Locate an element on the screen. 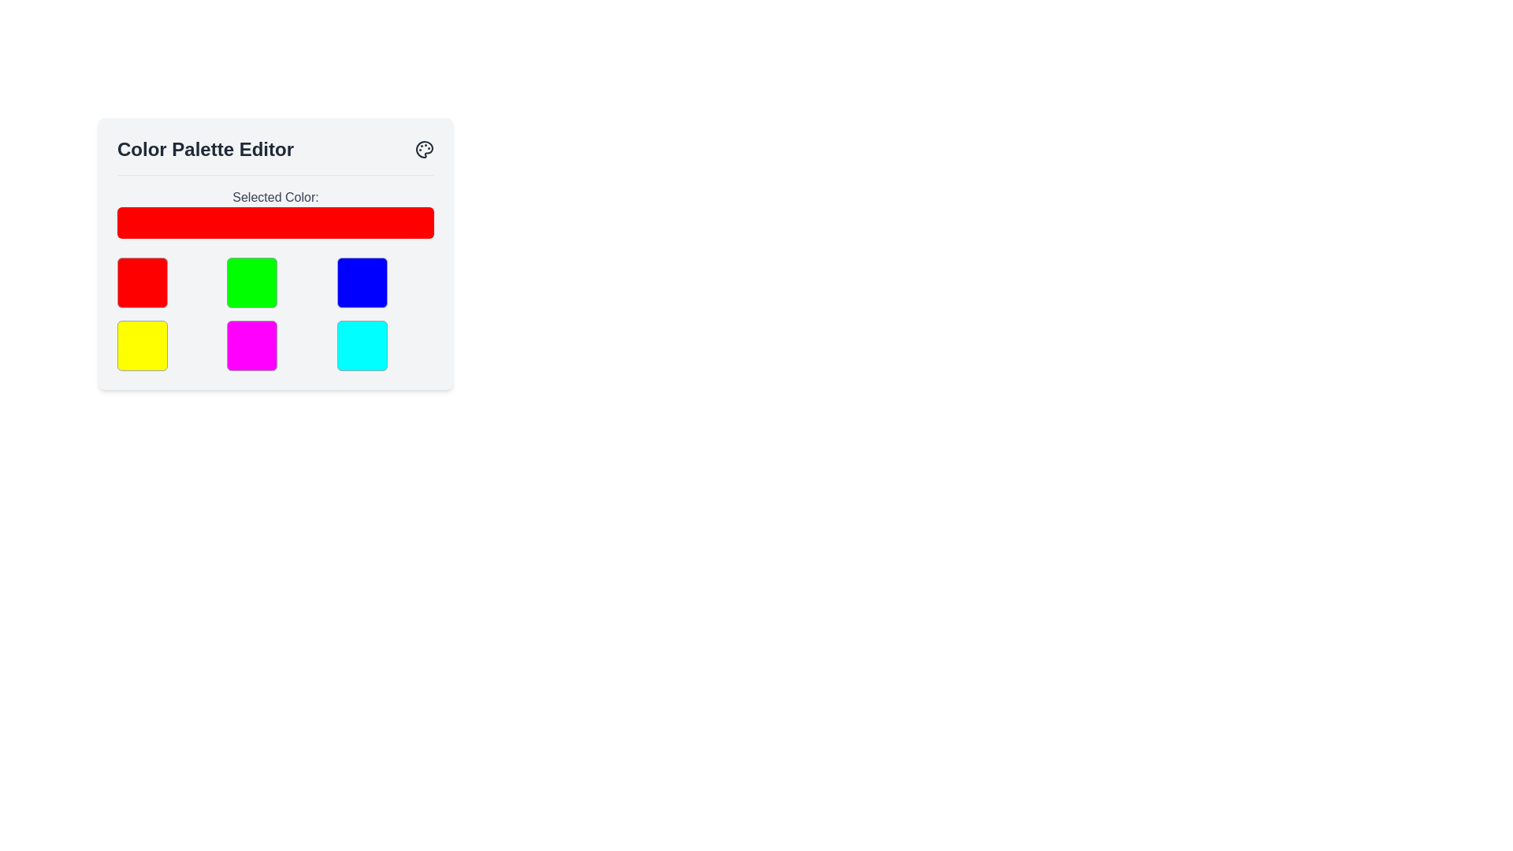  the color palette editor by dragging to select different colors from the available options is located at coordinates (276, 253).